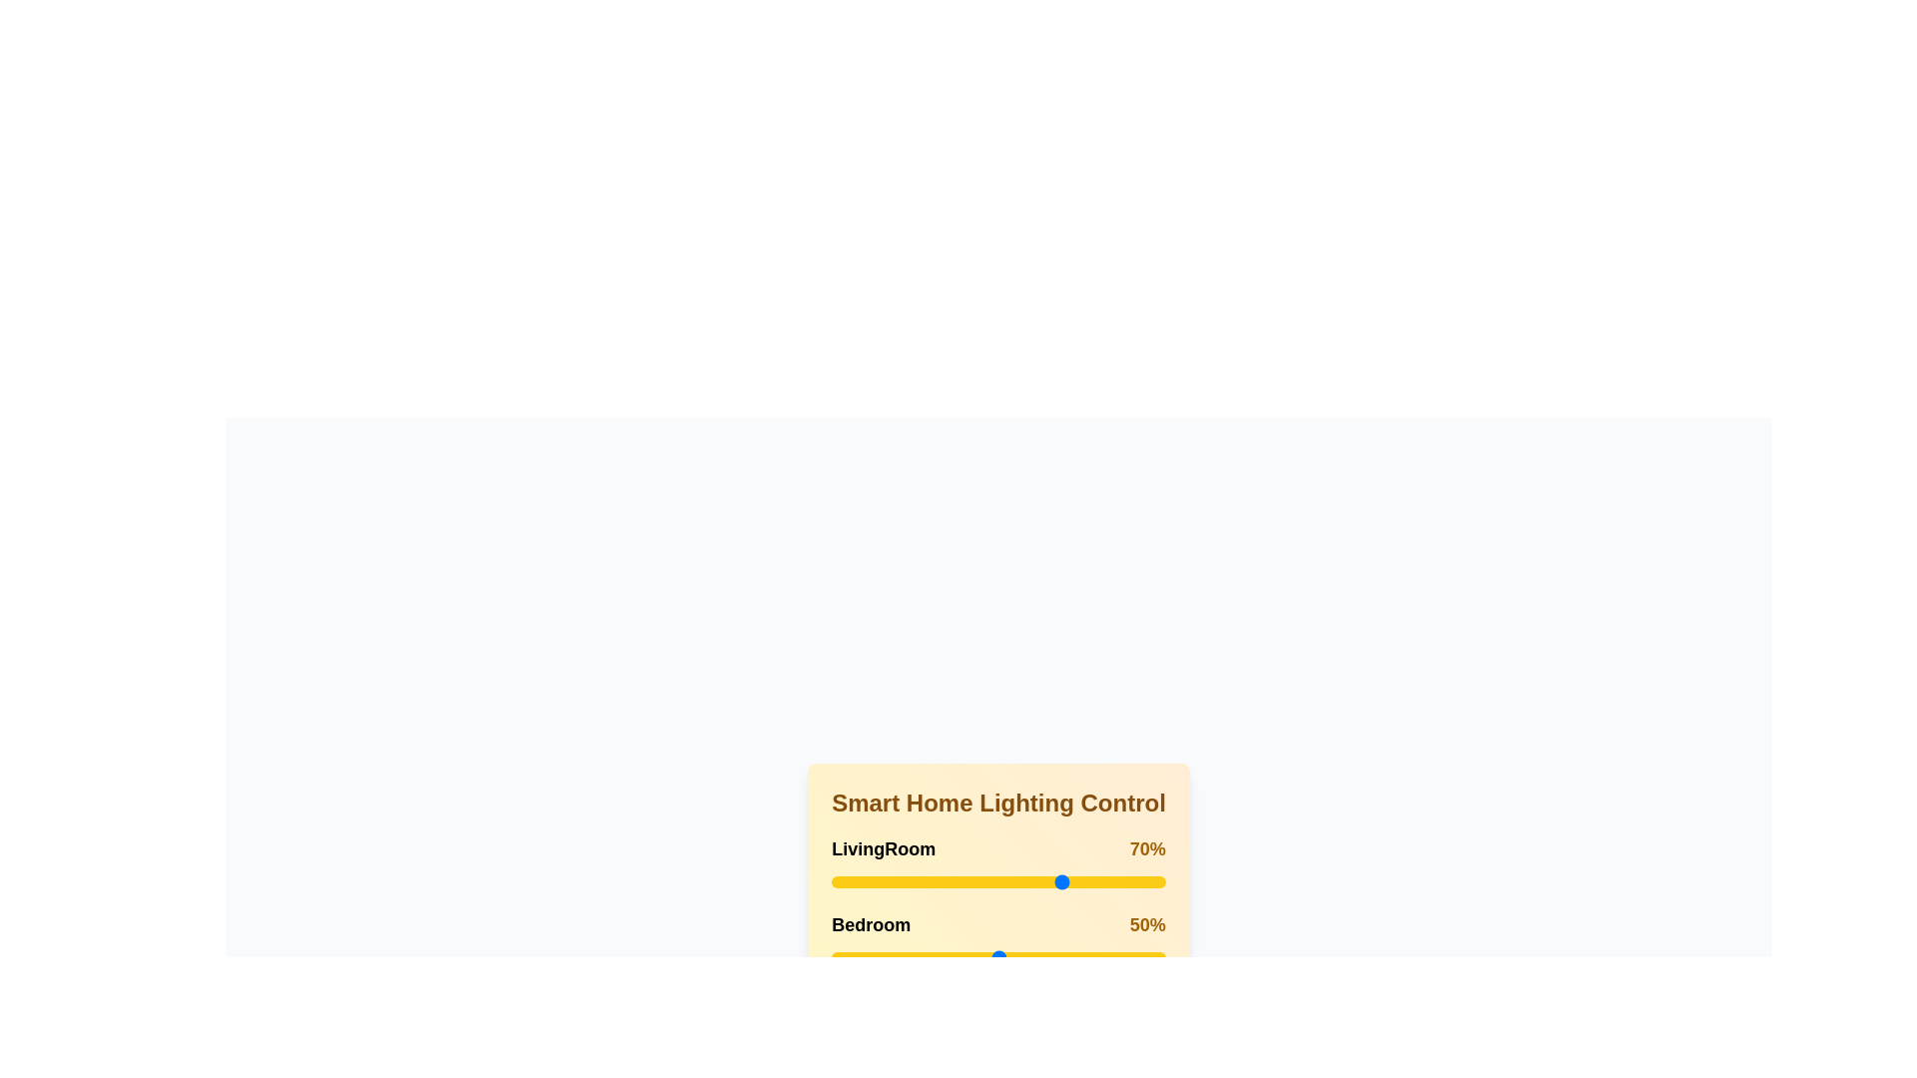 This screenshot has height=1078, width=1917. I want to click on bedroom light intensity, so click(981, 957).